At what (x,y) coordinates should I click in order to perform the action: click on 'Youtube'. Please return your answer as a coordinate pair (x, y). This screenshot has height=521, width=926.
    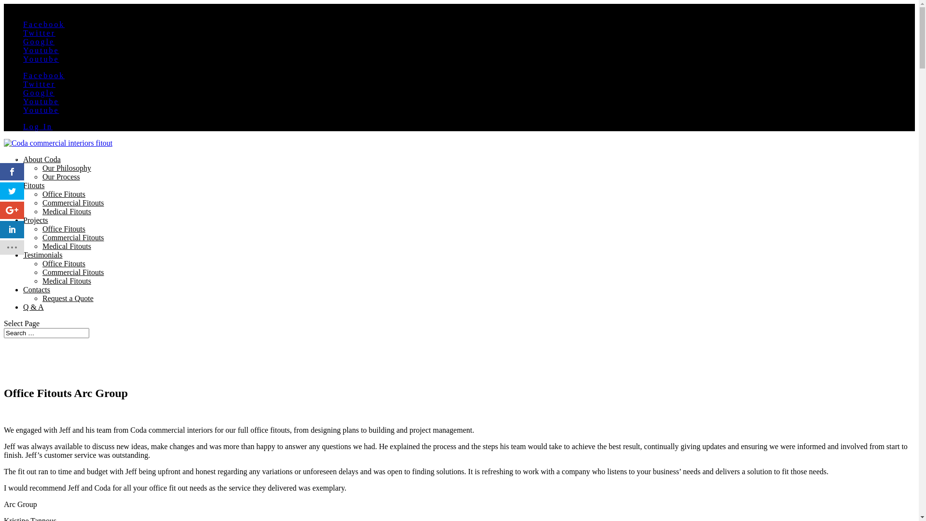
    Looking at the image, I should click on (41, 59).